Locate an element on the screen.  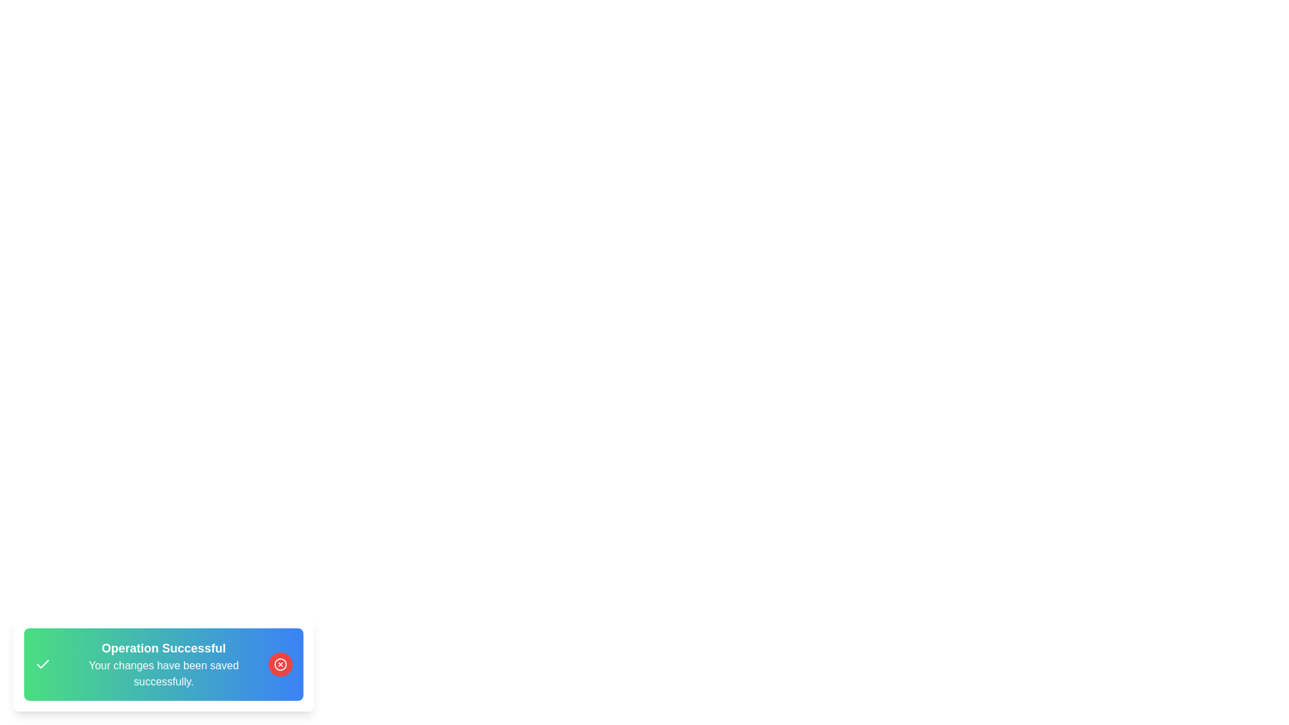
the close button to trigger its hover effect is located at coordinates (279, 665).